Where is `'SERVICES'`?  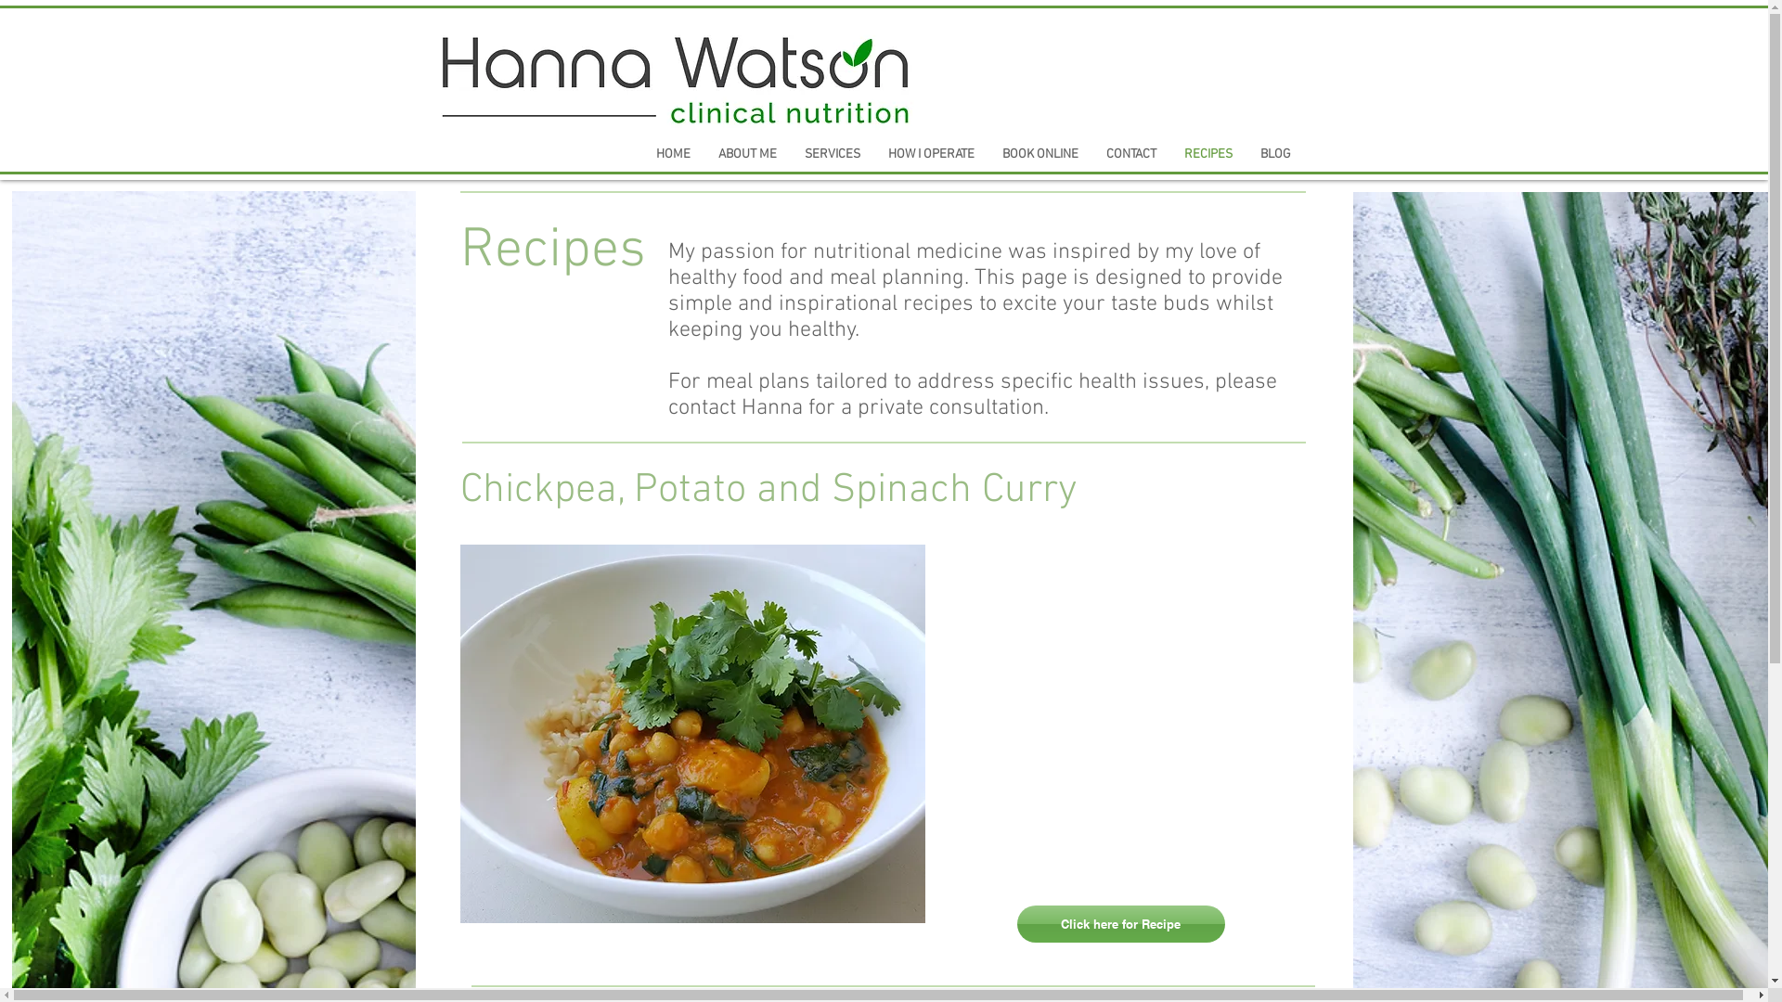
'SERVICES' is located at coordinates (790, 153).